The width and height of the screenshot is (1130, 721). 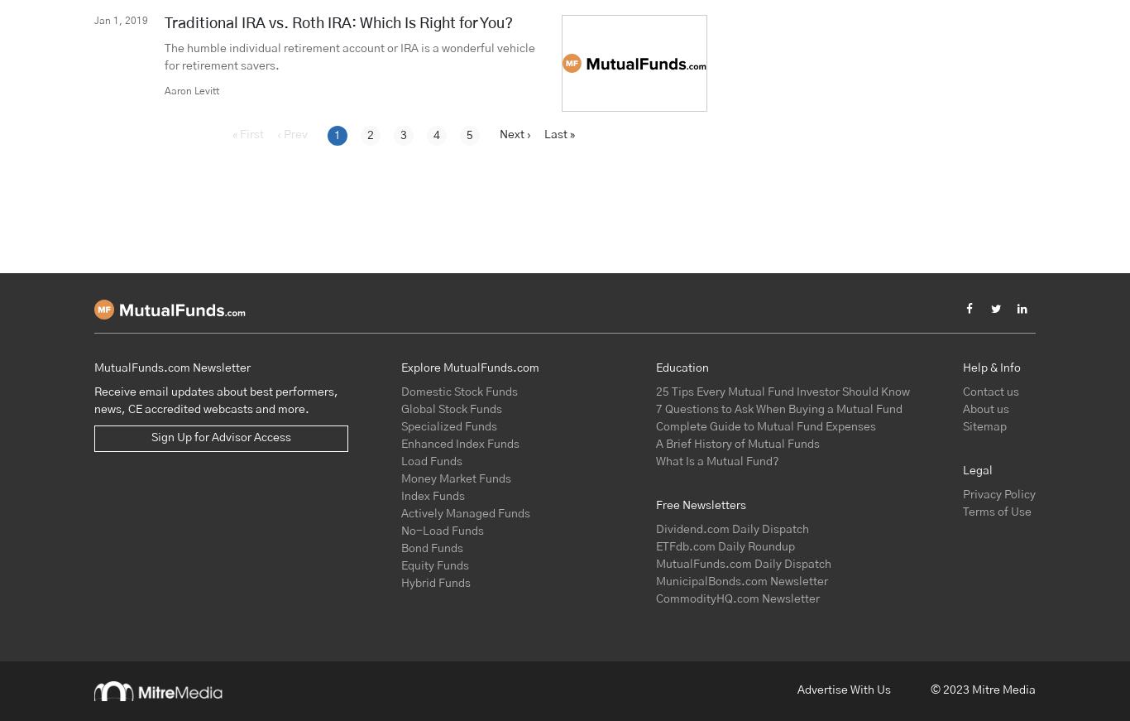 I want to click on 'Global Stock Funds', so click(x=401, y=409).